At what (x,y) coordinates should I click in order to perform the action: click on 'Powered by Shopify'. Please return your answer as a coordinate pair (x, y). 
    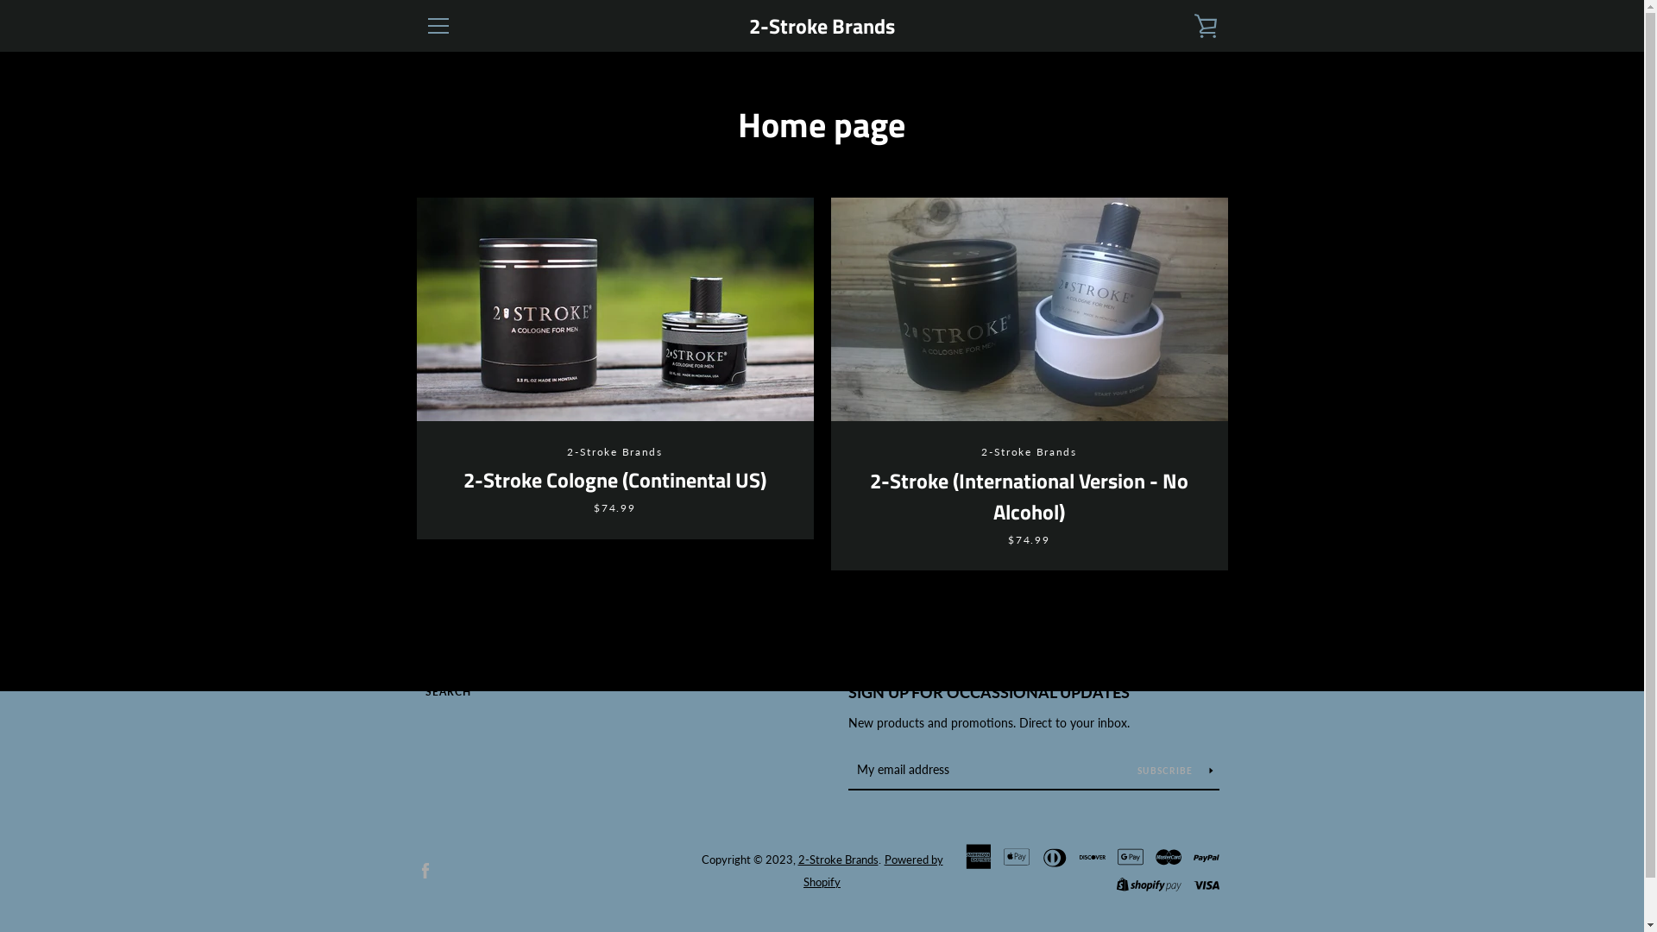
    Looking at the image, I should click on (873, 871).